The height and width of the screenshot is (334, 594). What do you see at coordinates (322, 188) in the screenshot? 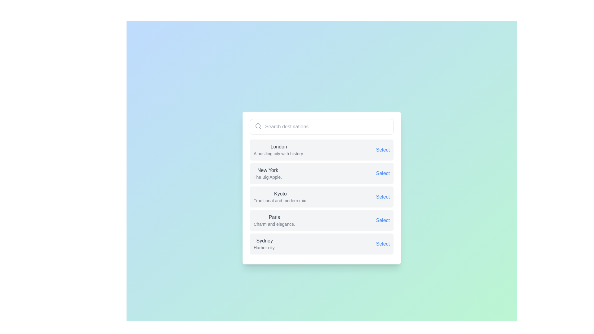
I see `the List Item representing the destination 'Kyoto', which is the third entry in a list of selectable destinations, allowing users` at bounding box center [322, 188].